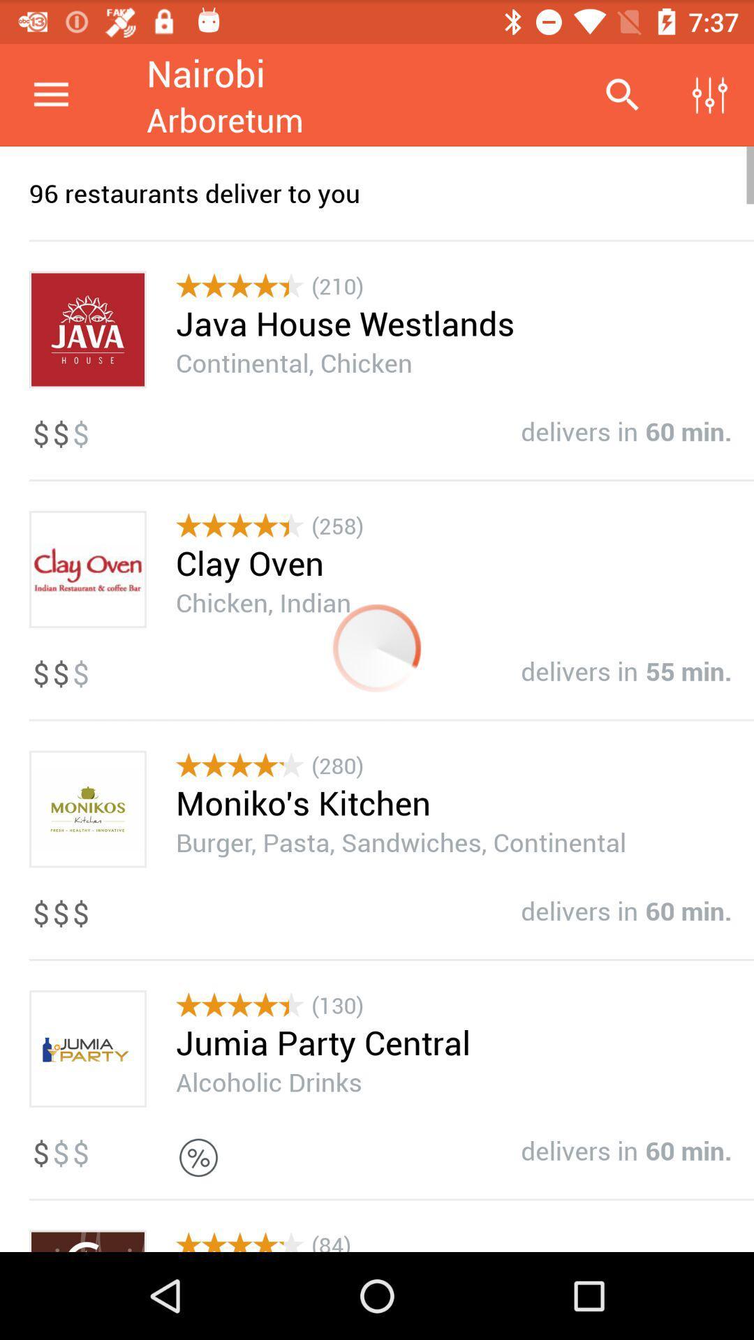  What do you see at coordinates (710, 94) in the screenshot?
I see `the item above the 96 restaurants deliver icon` at bounding box center [710, 94].